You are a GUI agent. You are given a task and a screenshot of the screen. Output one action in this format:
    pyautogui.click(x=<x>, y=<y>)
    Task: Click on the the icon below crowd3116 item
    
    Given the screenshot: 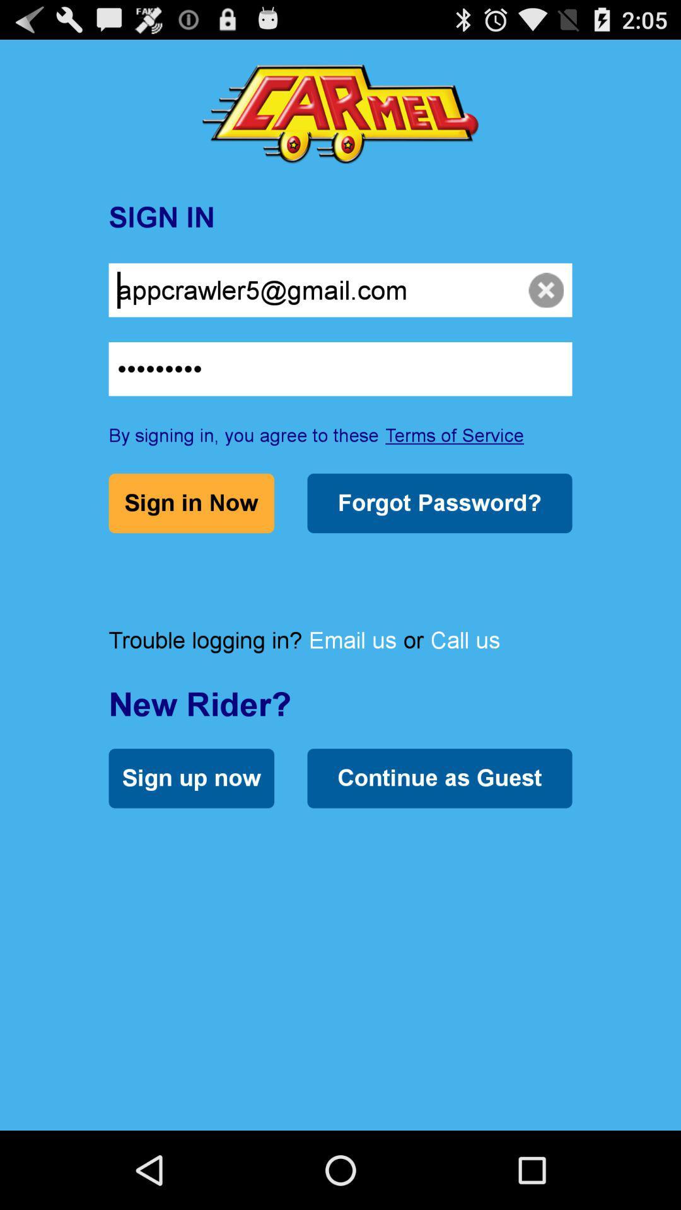 What is the action you would take?
    pyautogui.click(x=455, y=435)
    